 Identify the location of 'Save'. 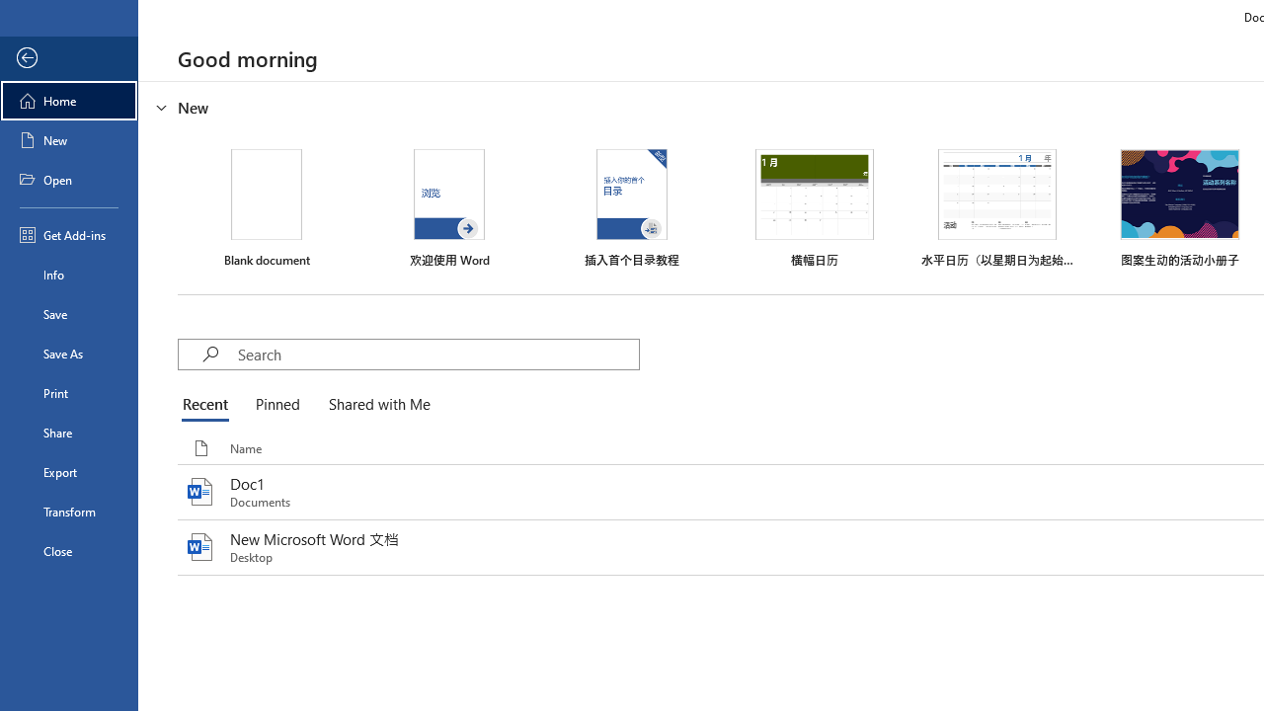
(68, 312).